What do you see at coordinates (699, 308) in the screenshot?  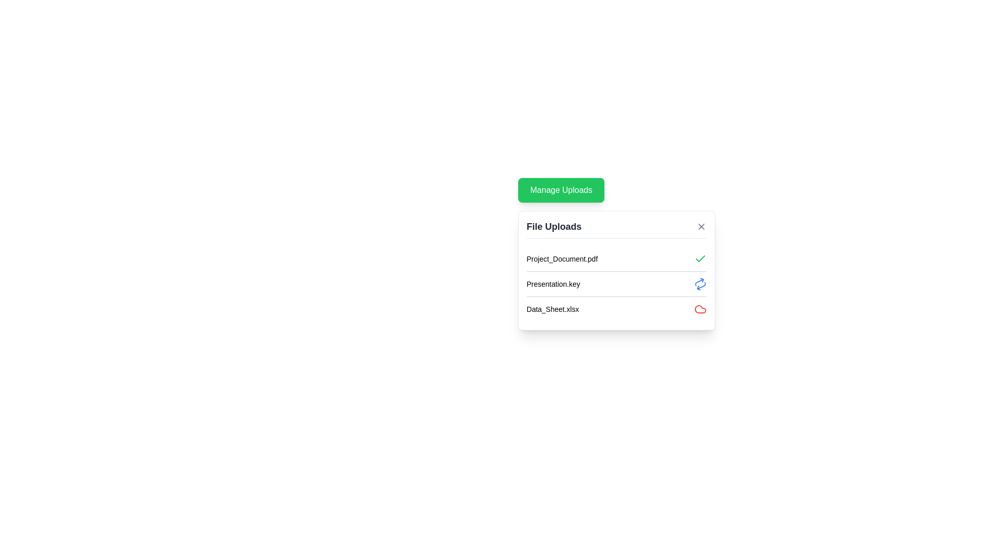 I see `the icon component within the SVG that represents an action related to the 'Data_Sheet.xlsx' file in the 'File Uploads' card` at bounding box center [699, 308].